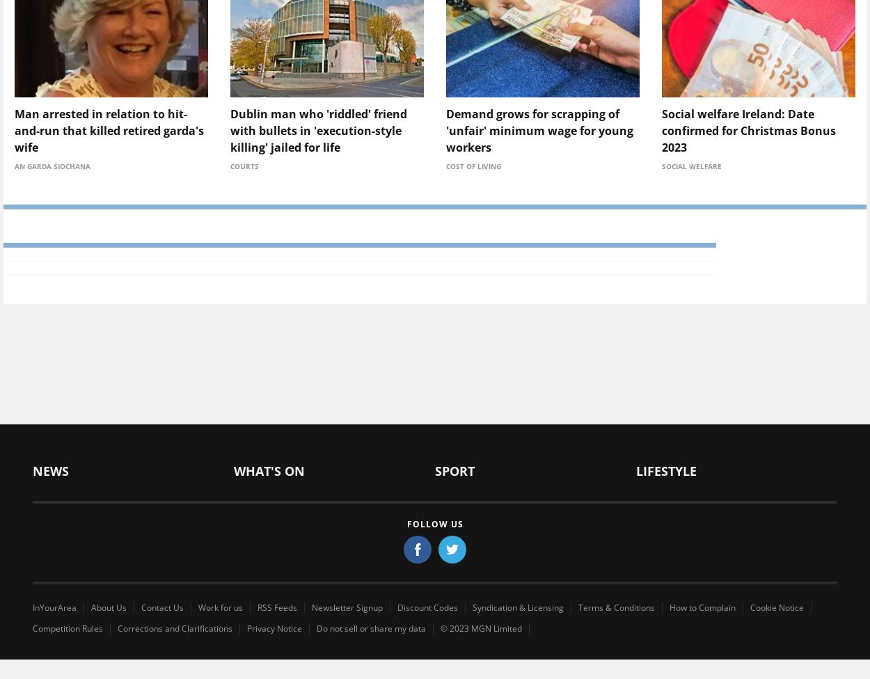 The height and width of the screenshot is (679, 870). I want to click on 'Demand grows for scrapping of 'unfair' minimum wage for young workers', so click(446, 129).